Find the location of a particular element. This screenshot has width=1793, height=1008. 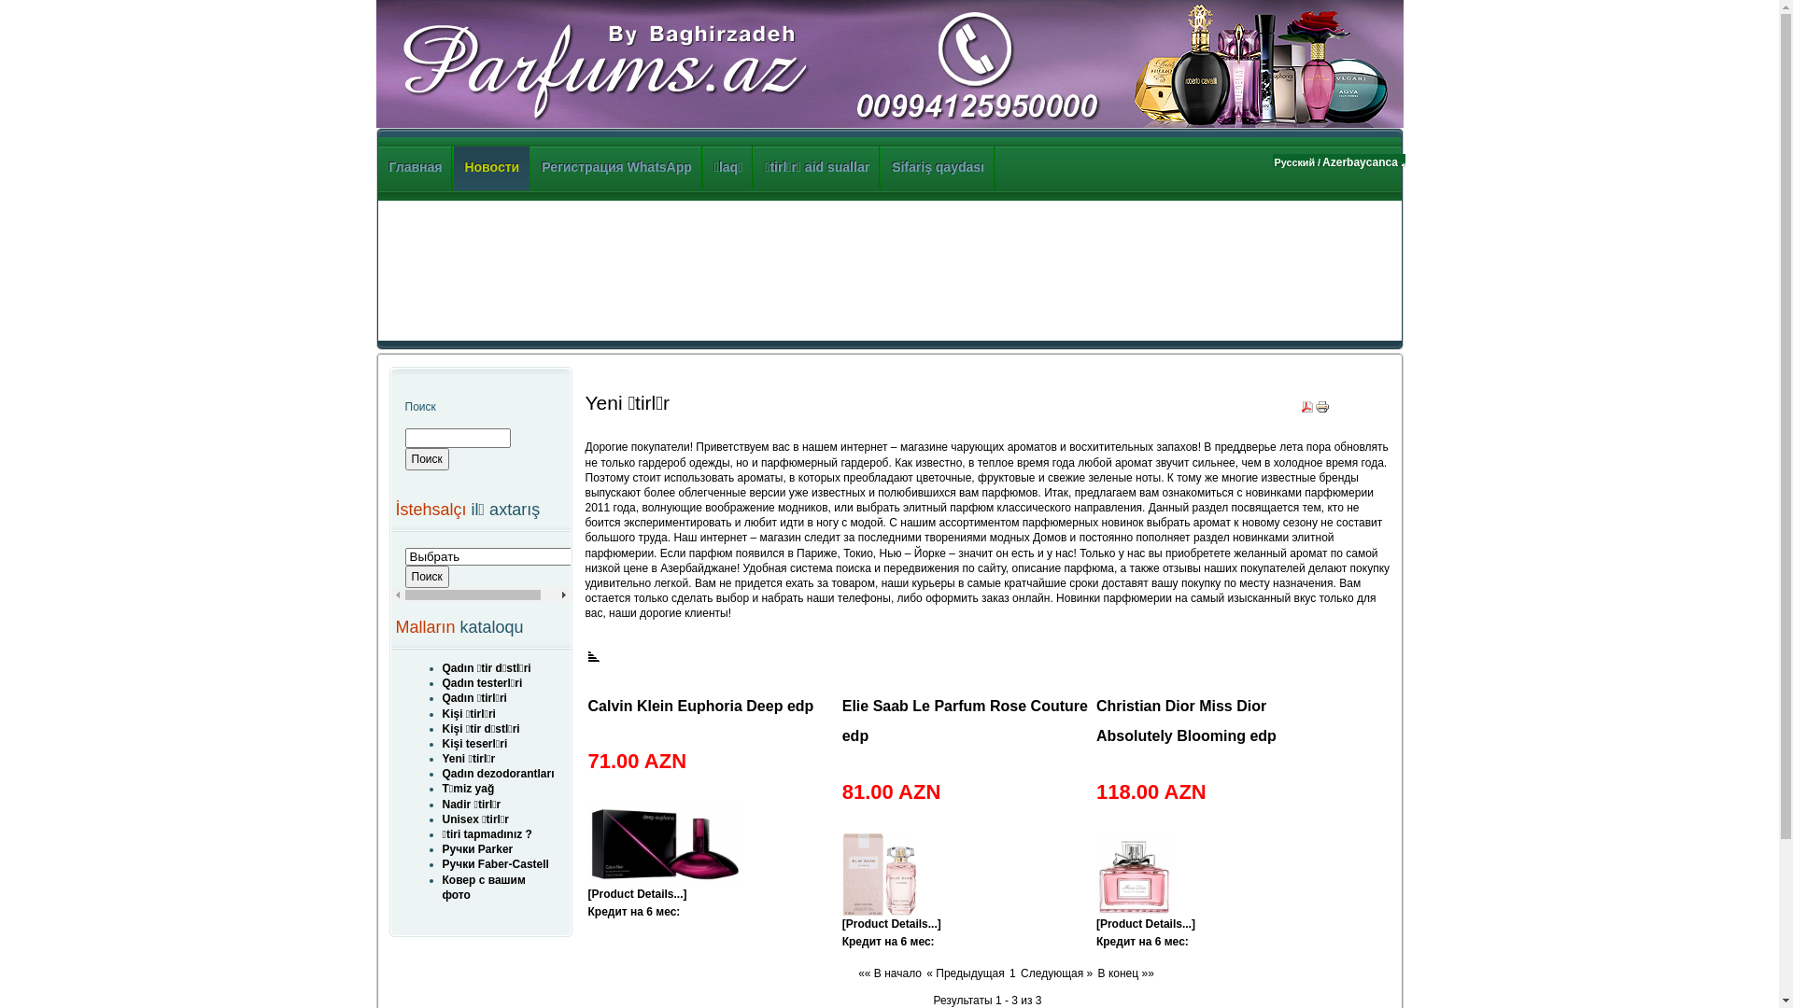

'Calvin Klein Euphoria Deep edp' is located at coordinates (666, 845).